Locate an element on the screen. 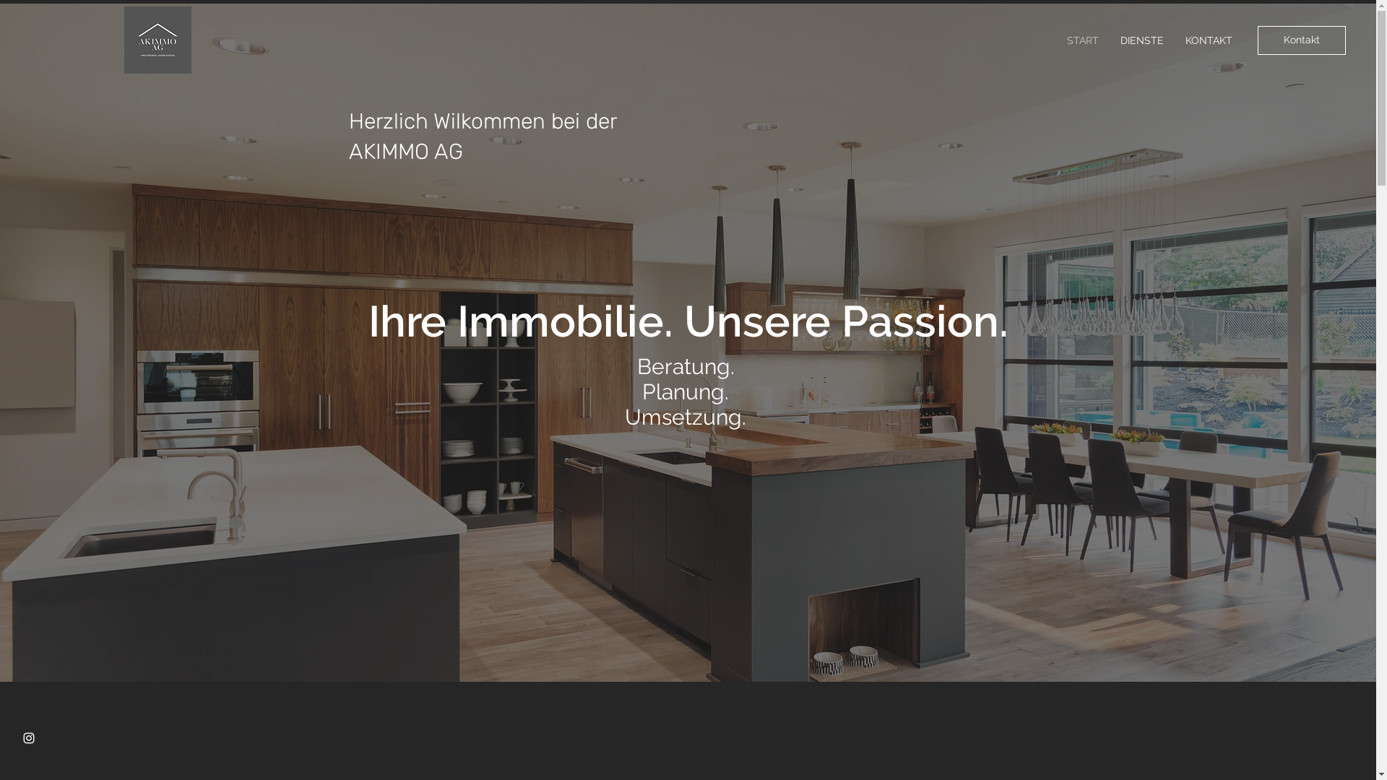 The height and width of the screenshot is (780, 1387). 'DIENSTE' is located at coordinates (1141, 40).